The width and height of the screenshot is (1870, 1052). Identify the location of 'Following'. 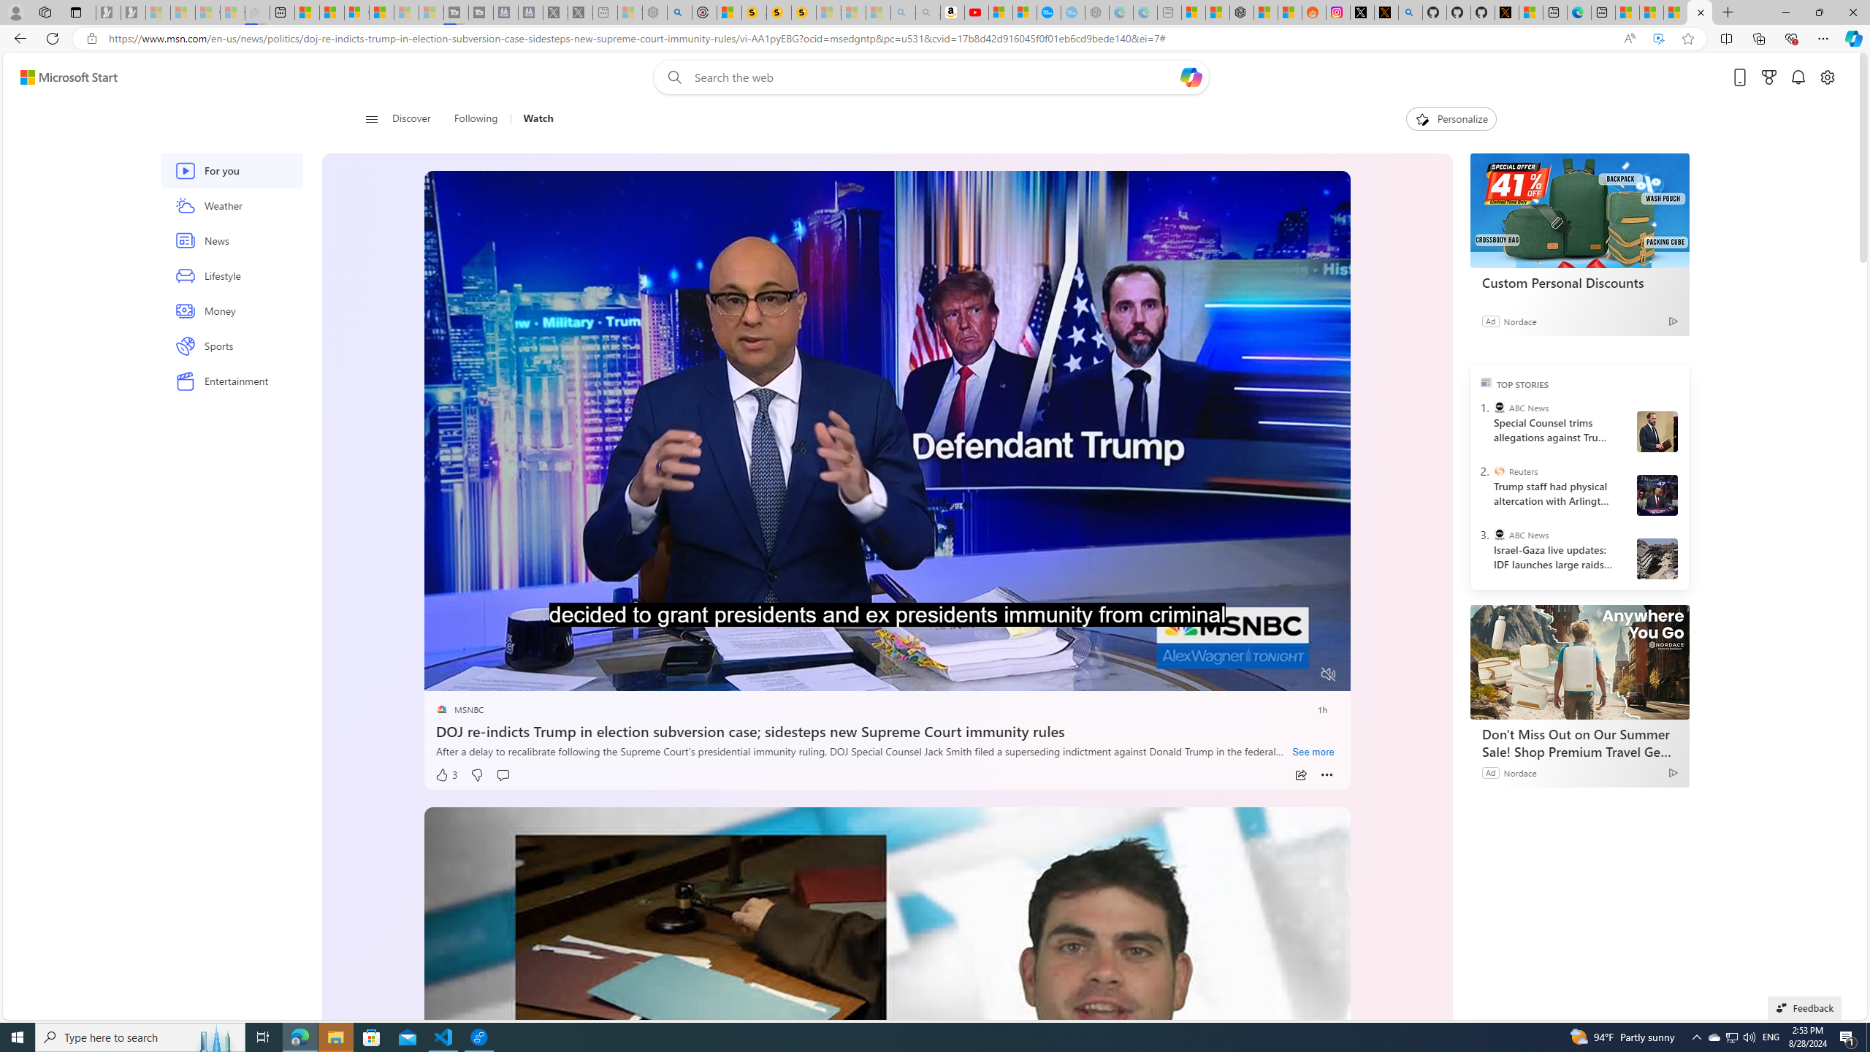
(476, 118).